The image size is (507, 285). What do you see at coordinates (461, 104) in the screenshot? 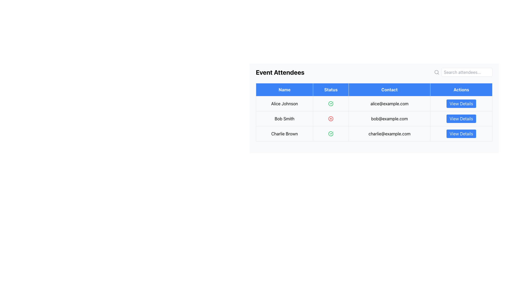
I see `the rectangular button with a blue background and white text reading 'View Details', located in the last column of the first row of the table, to change its visual state` at bounding box center [461, 104].